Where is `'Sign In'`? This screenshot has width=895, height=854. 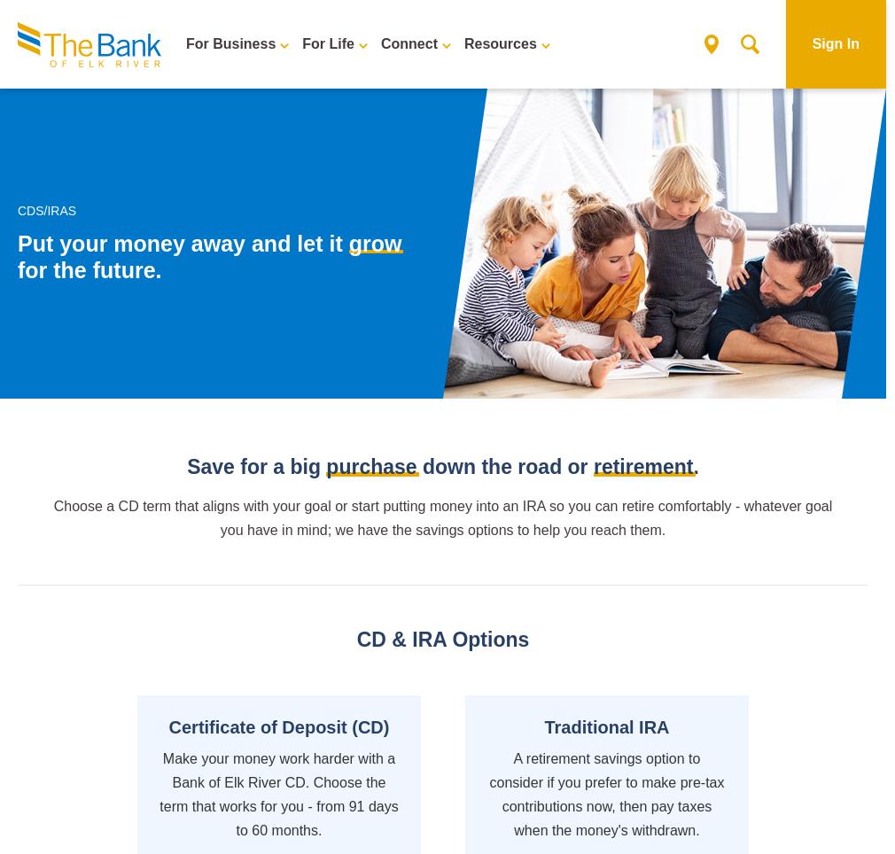
'Sign In' is located at coordinates (836, 43).